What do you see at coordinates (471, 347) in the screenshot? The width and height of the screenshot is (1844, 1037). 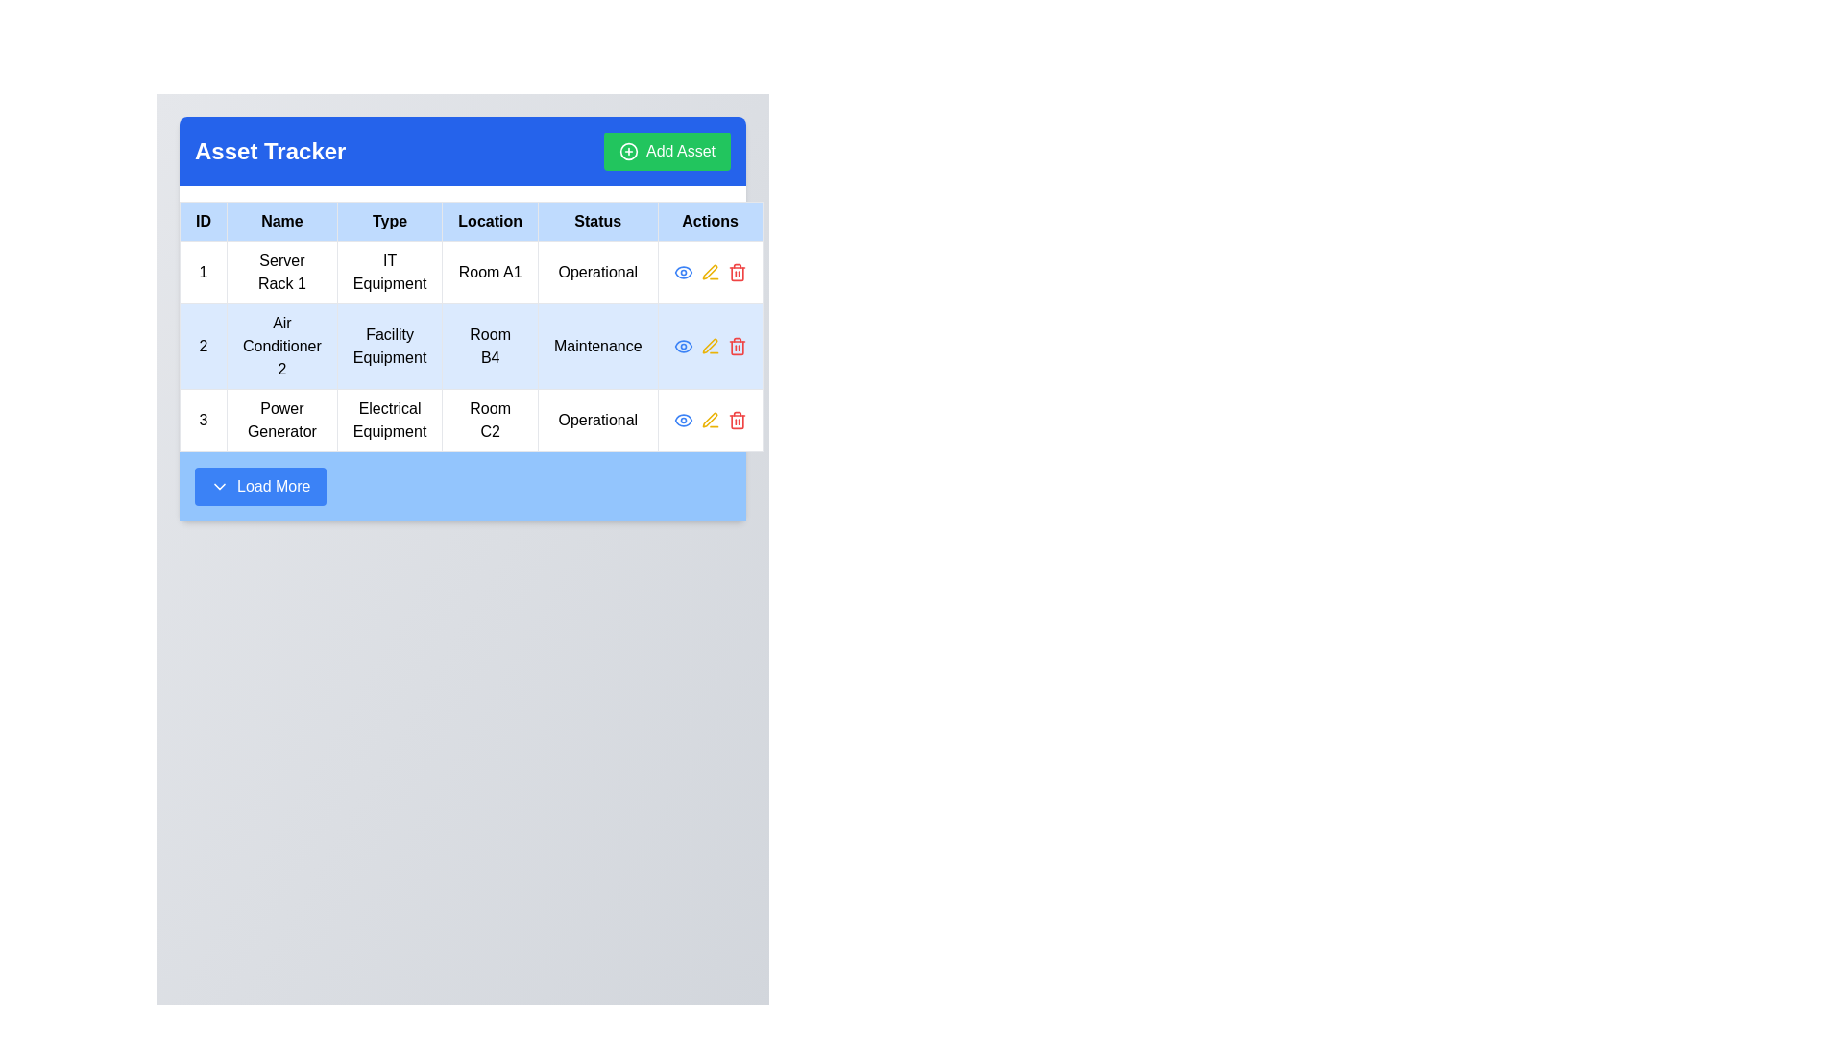 I see `the second row in the table displaying information such as '2', 'Air Conditioner 2', 'Facility Equipment', 'Room B4', 'Maintenance', and action icons` at bounding box center [471, 347].